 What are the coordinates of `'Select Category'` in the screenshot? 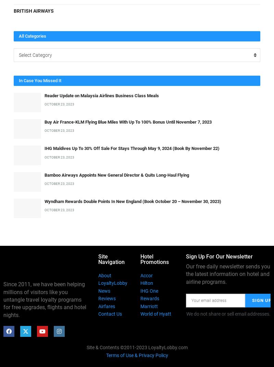 It's located at (35, 55).